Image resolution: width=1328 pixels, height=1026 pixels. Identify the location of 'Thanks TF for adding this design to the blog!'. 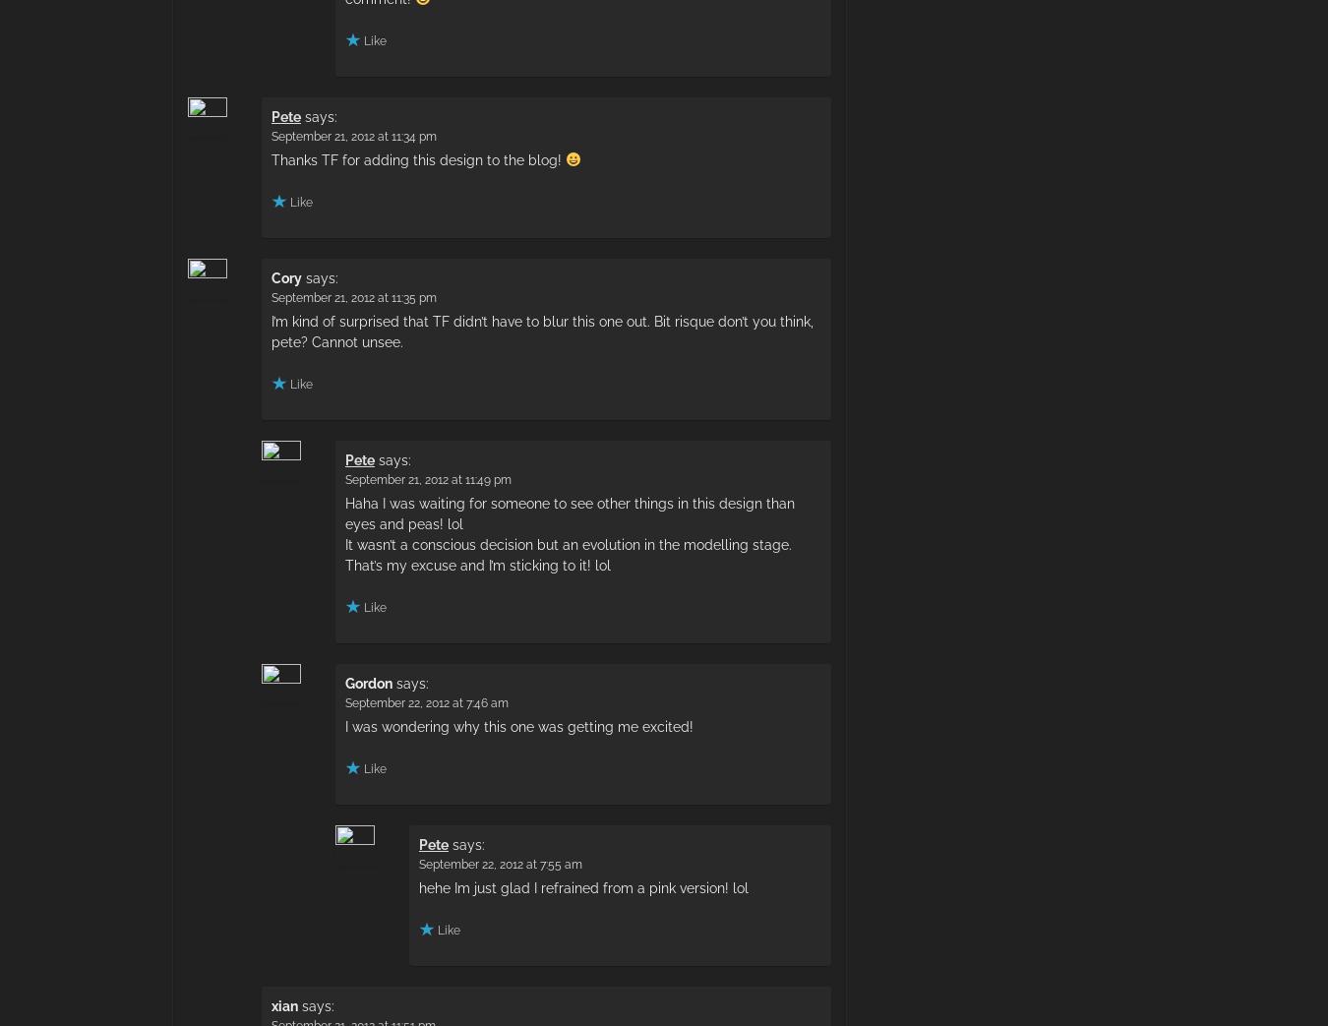
(270, 157).